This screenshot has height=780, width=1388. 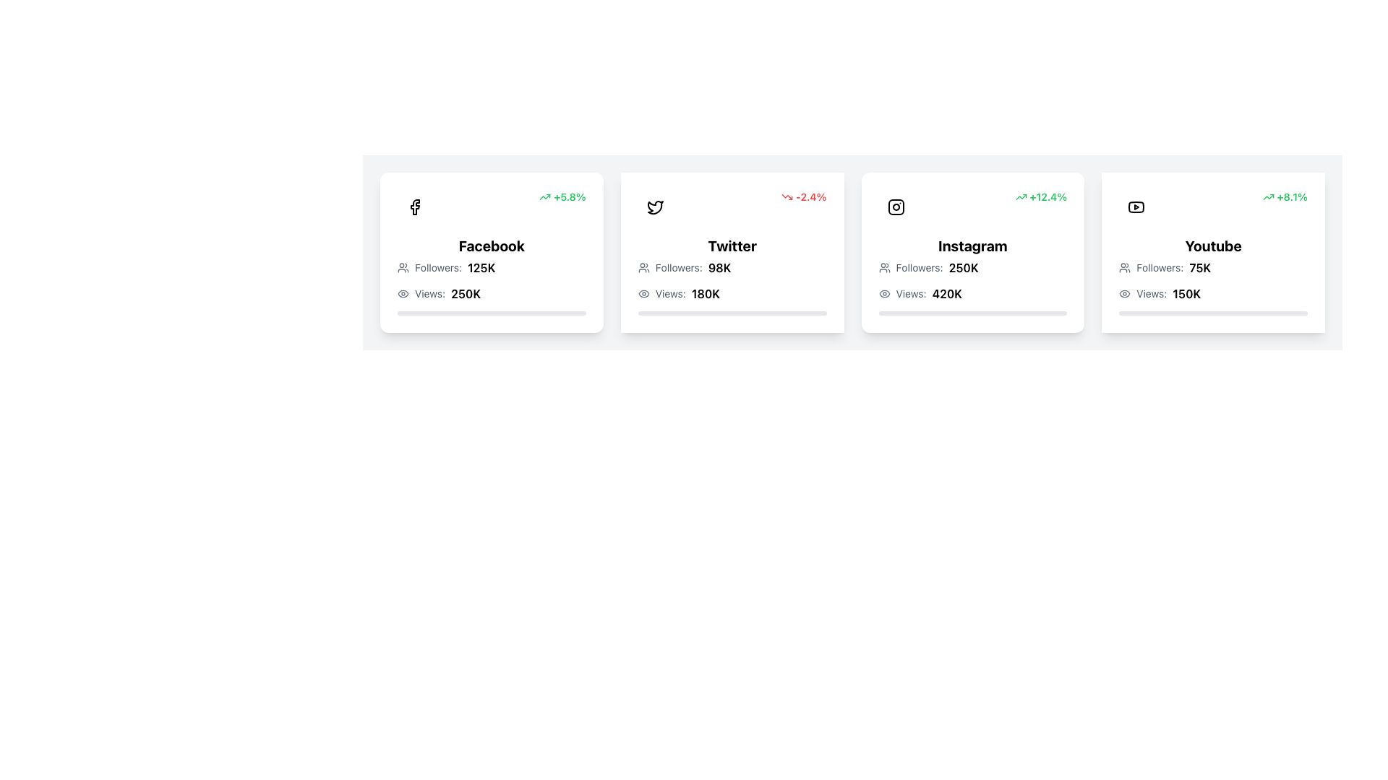 What do you see at coordinates (403, 267) in the screenshot?
I see `the icon element representing follower count` at bounding box center [403, 267].